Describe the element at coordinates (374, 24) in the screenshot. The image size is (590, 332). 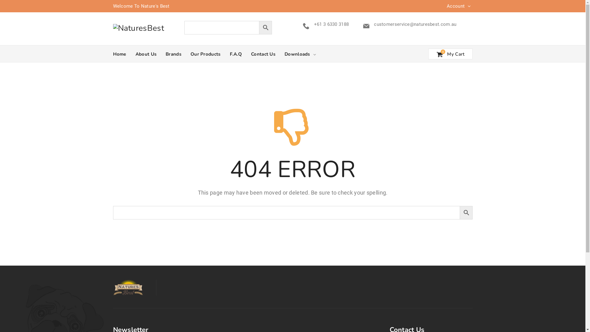
I see `'customerservice@naturesbest.com.au'` at that location.